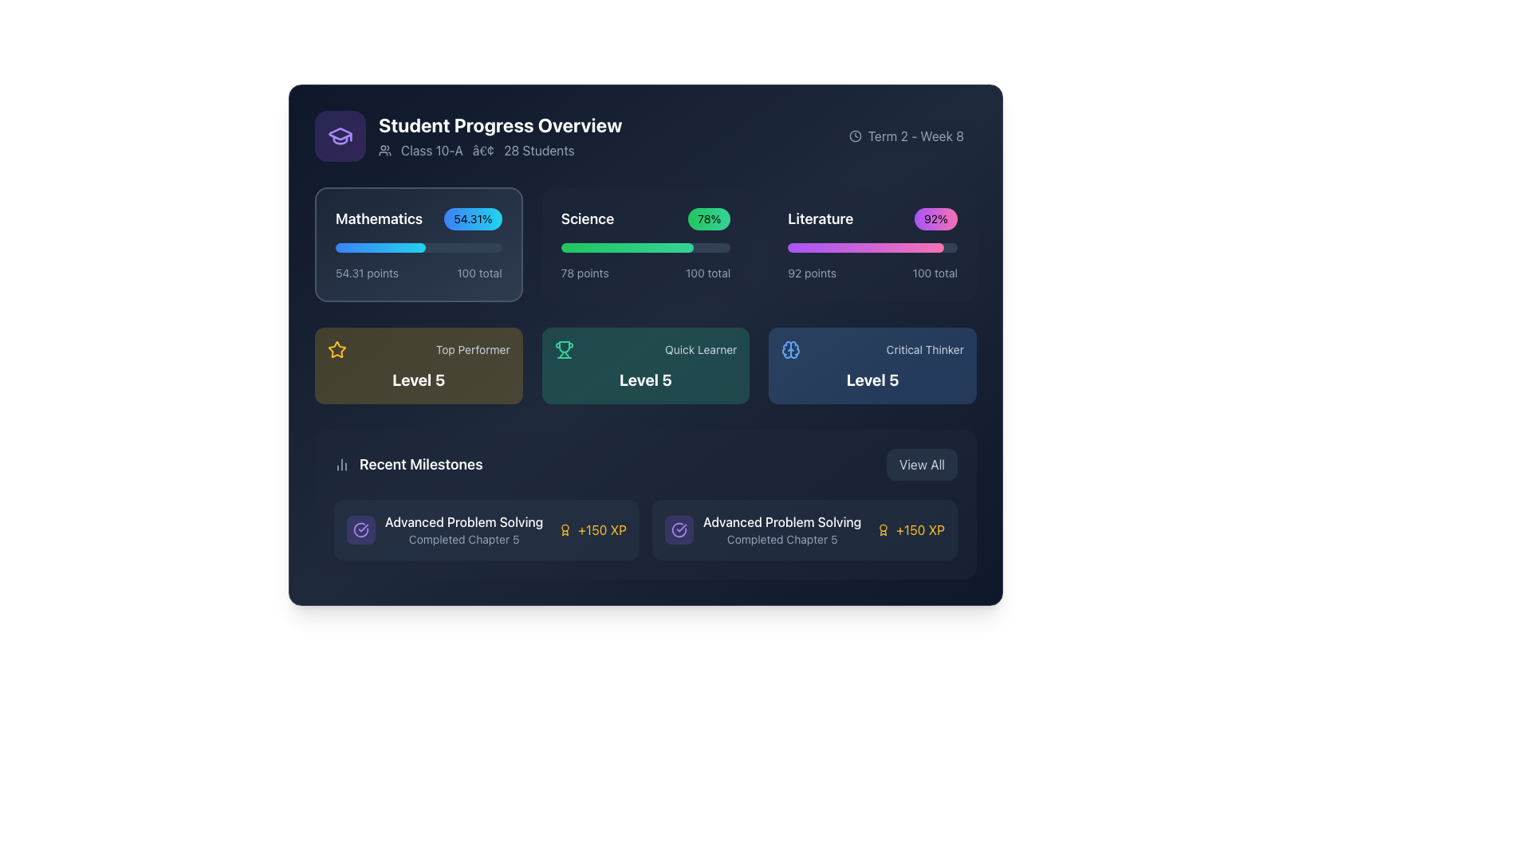  Describe the element at coordinates (419, 248) in the screenshot. I see `the horizontal progress bar with a dark blue background and rounded corners located within the 'Mathematics' card, positioned centrally beneath the labels 'Mathematics' and '54.31%'` at that location.